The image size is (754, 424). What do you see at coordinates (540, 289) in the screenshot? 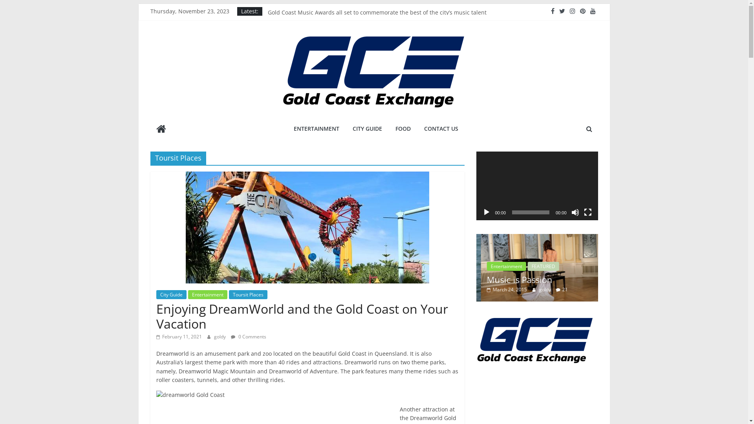
I see `'goldy'` at bounding box center [540, 289].